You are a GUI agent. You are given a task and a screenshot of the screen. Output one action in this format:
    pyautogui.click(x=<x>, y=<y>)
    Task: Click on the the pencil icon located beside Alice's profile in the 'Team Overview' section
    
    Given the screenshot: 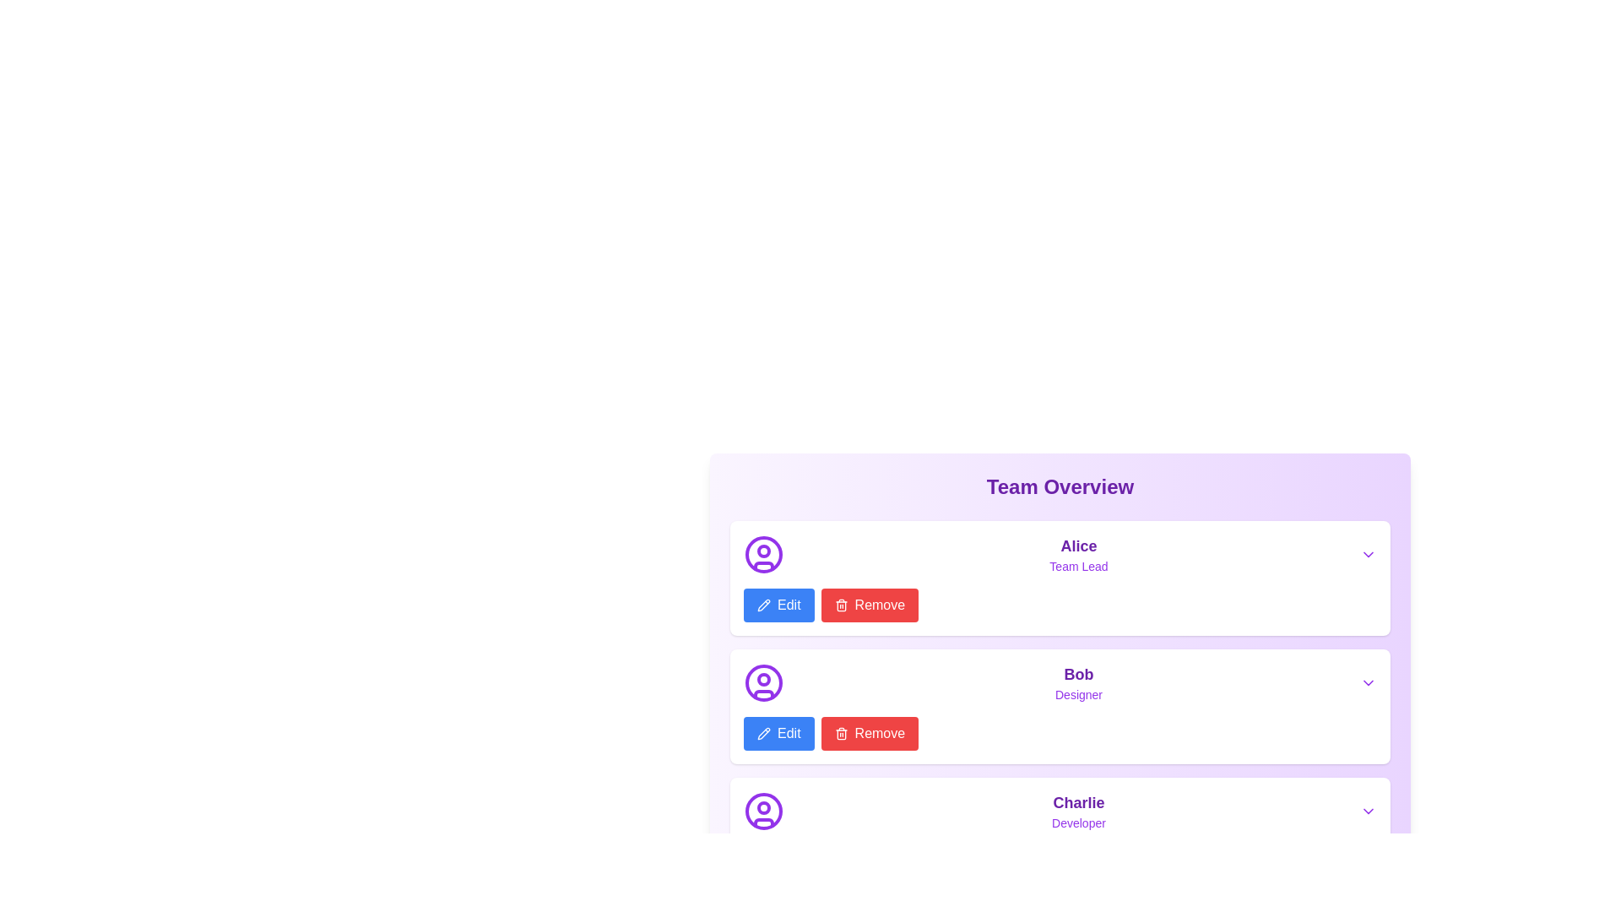 What is the action you would take?
    pyautogui.click(x=762, y=604)
    